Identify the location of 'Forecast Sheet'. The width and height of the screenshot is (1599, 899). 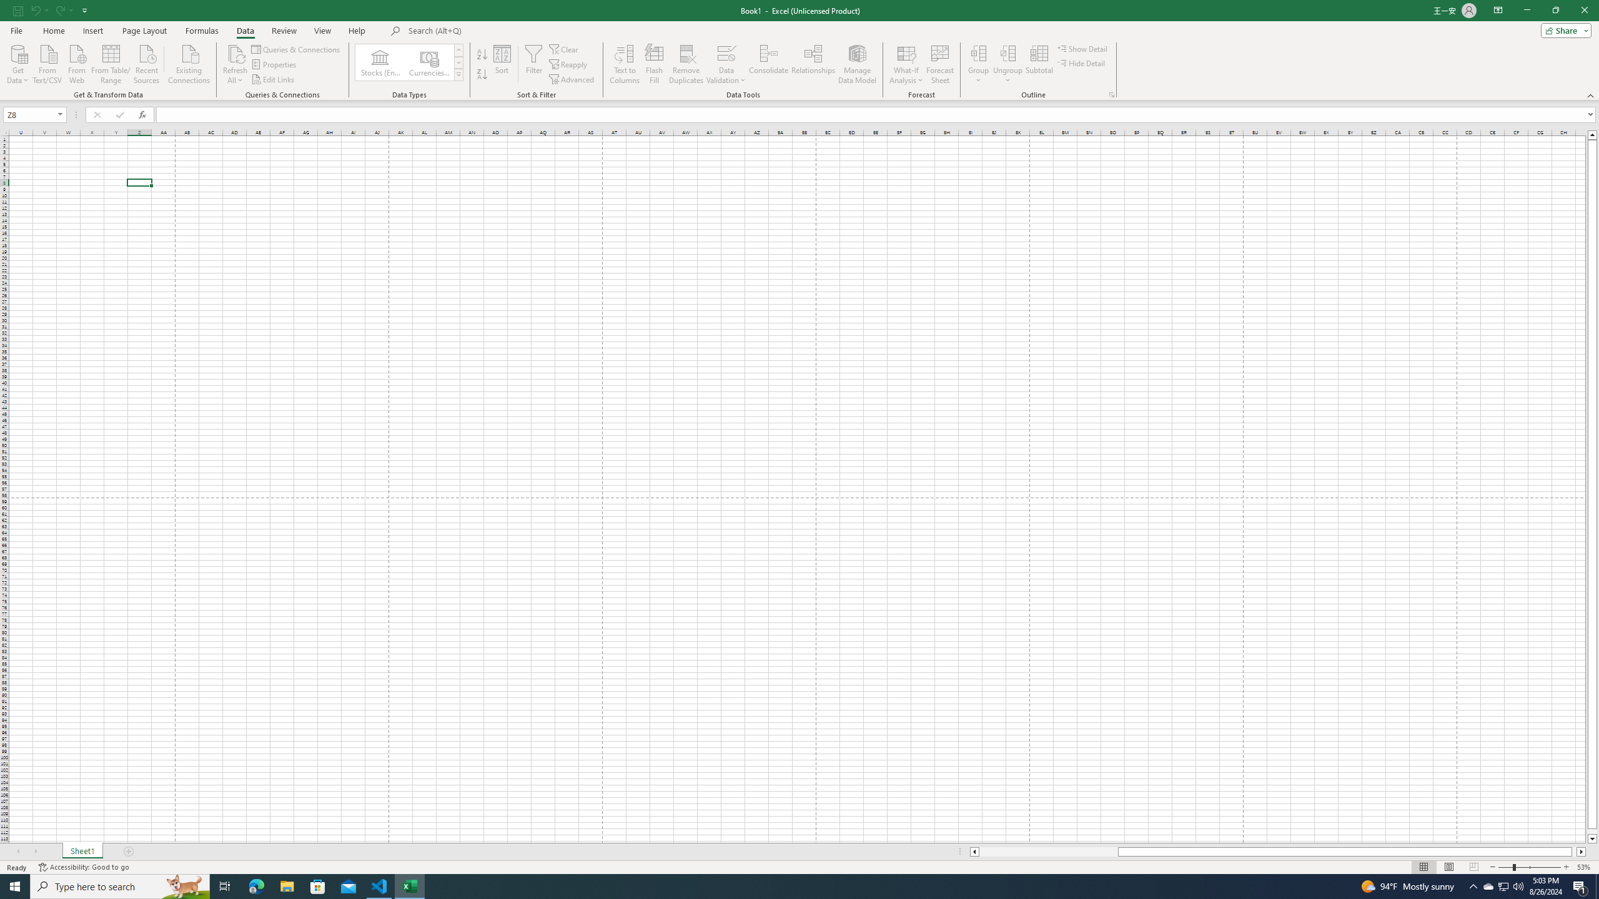
(940, 64).